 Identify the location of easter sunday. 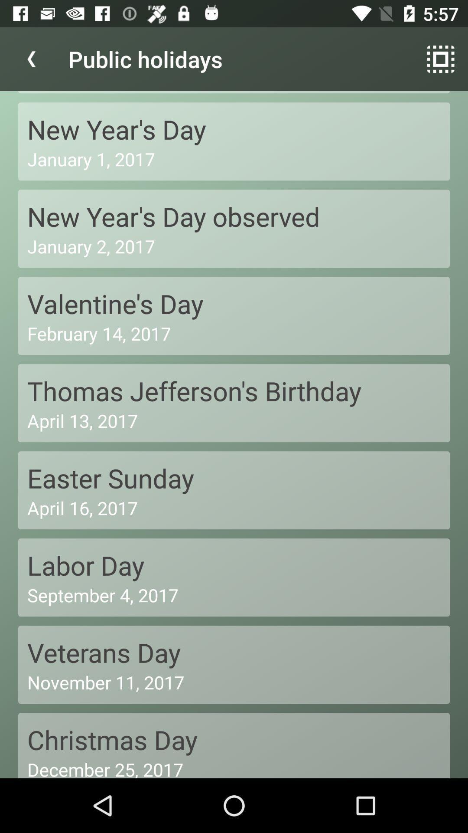
(234, 477).